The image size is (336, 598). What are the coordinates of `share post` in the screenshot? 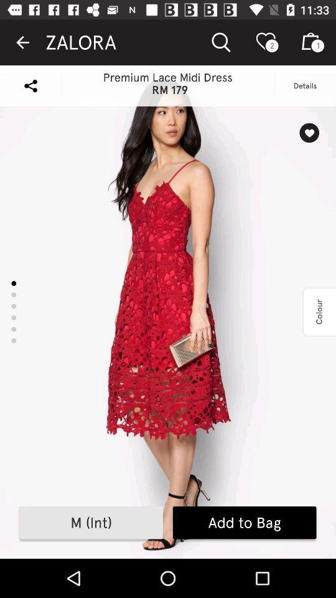 It's located at (30, 85).